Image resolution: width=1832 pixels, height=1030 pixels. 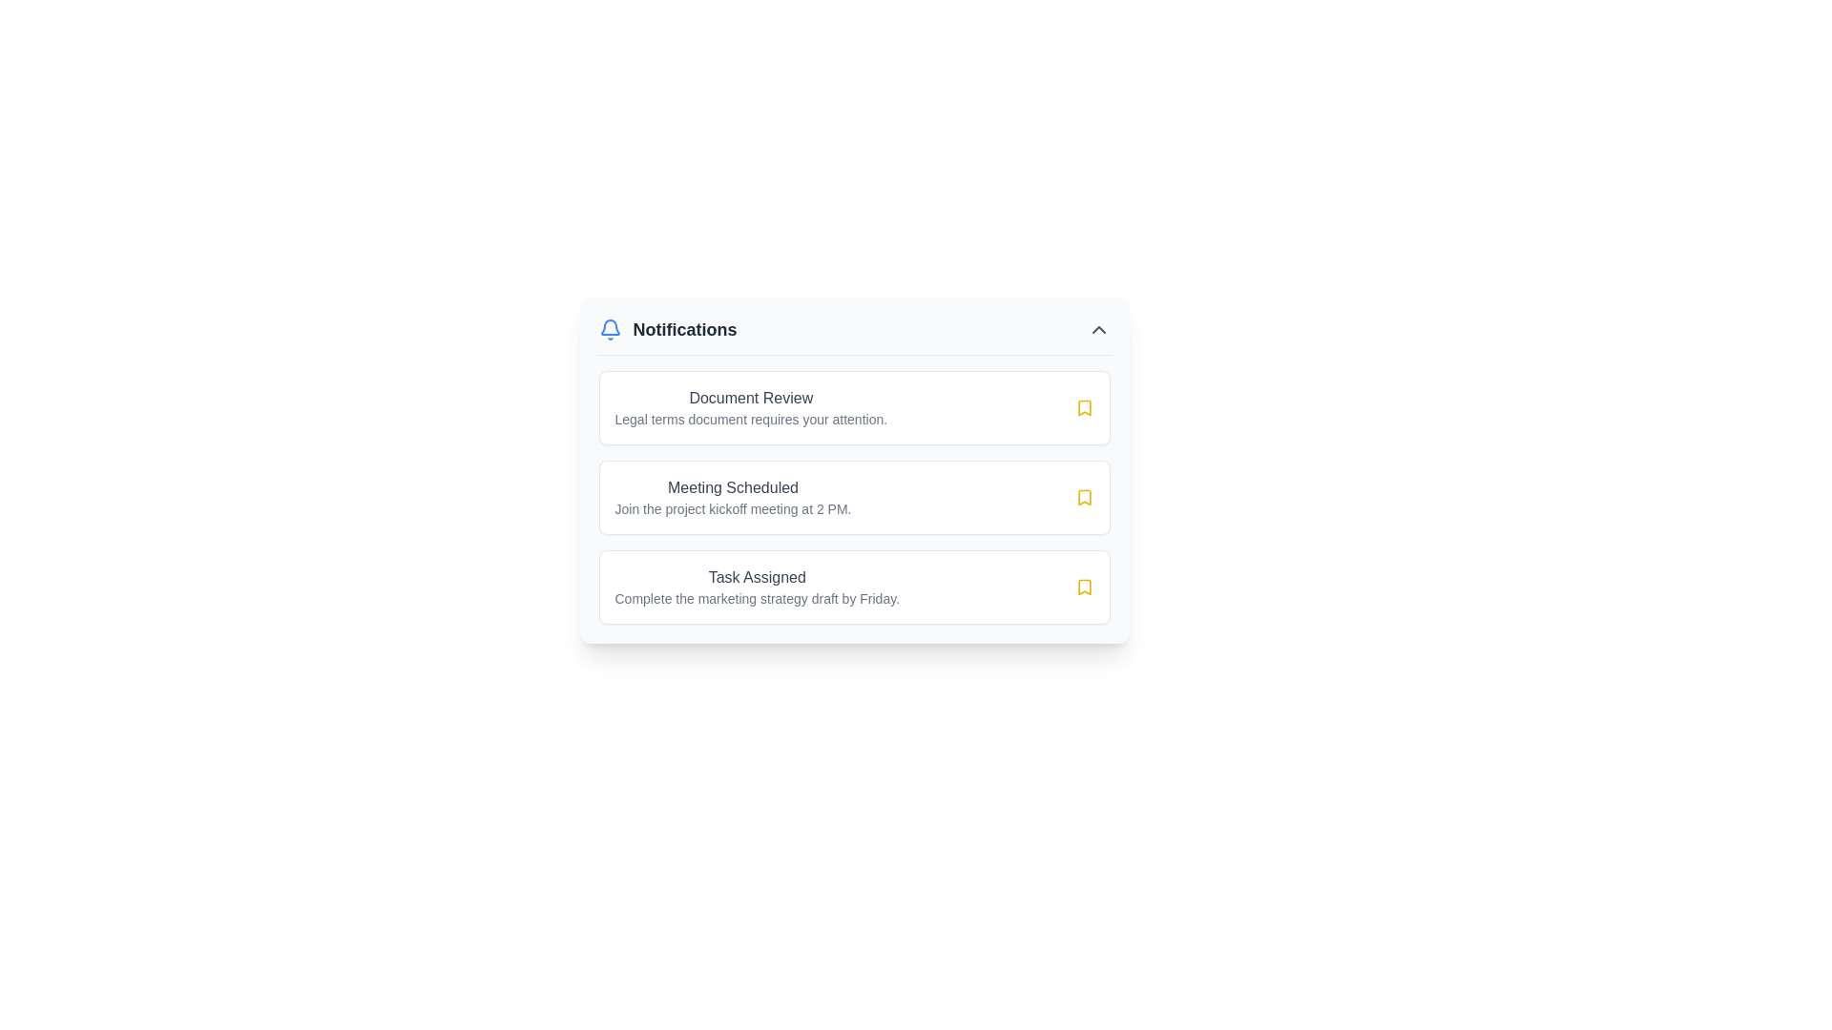 What do you see at coordinates (685, 329) in the screenshot?
I see `the text label 'Notifications', which is styled in a large bold font and located in the header of the notification panel, positioned to the right of a blue bell icon` at bounding box center [685, 329].